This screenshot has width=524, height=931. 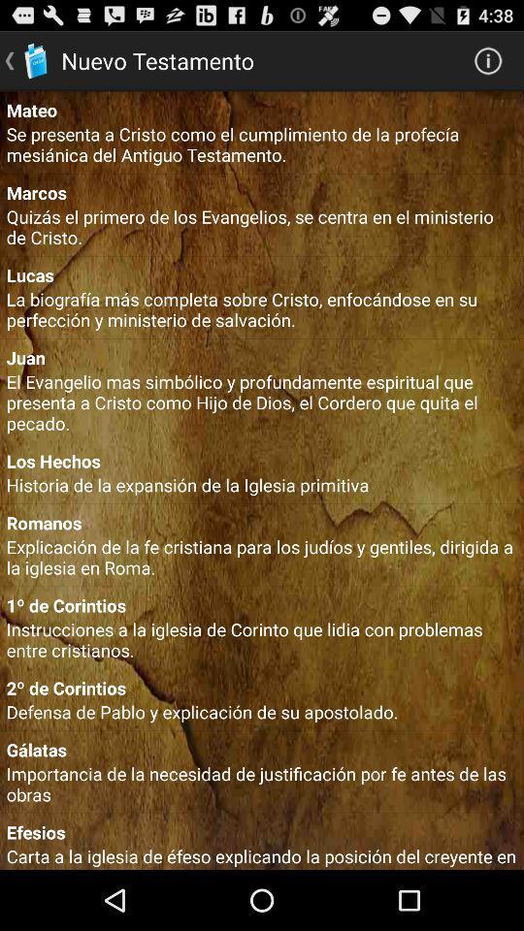 What do you see at coordinates (262, 461) in the screenshot?
I see `item below the el evangelio mas item` at bounding box center [262, 461].